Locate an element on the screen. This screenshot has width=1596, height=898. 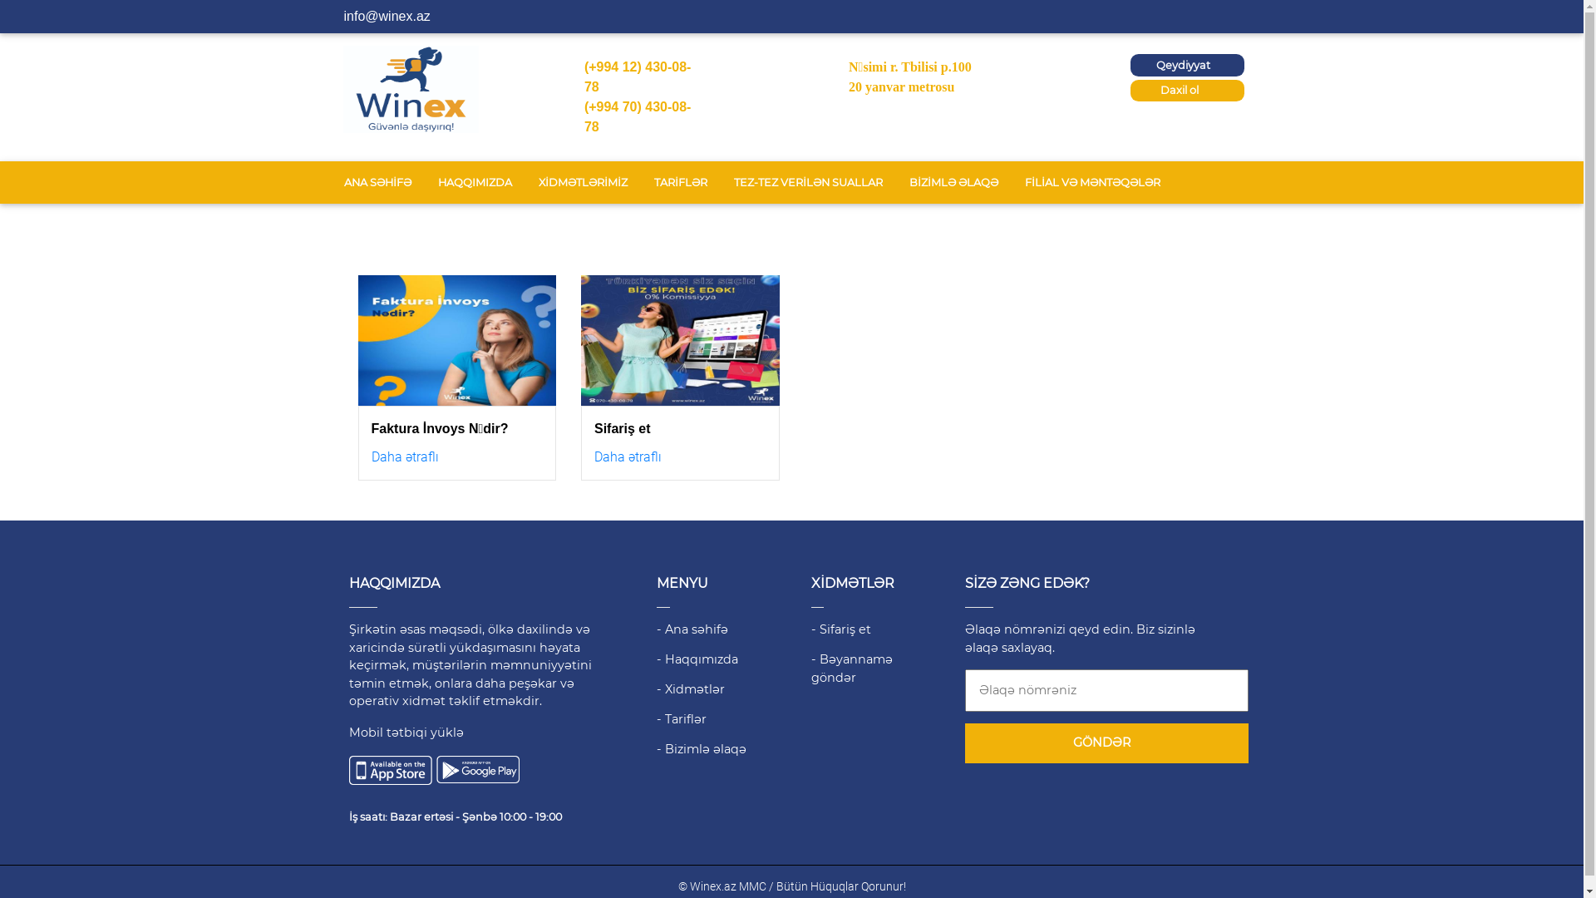
'info@winex.az' is located at coordinates (386, 16).